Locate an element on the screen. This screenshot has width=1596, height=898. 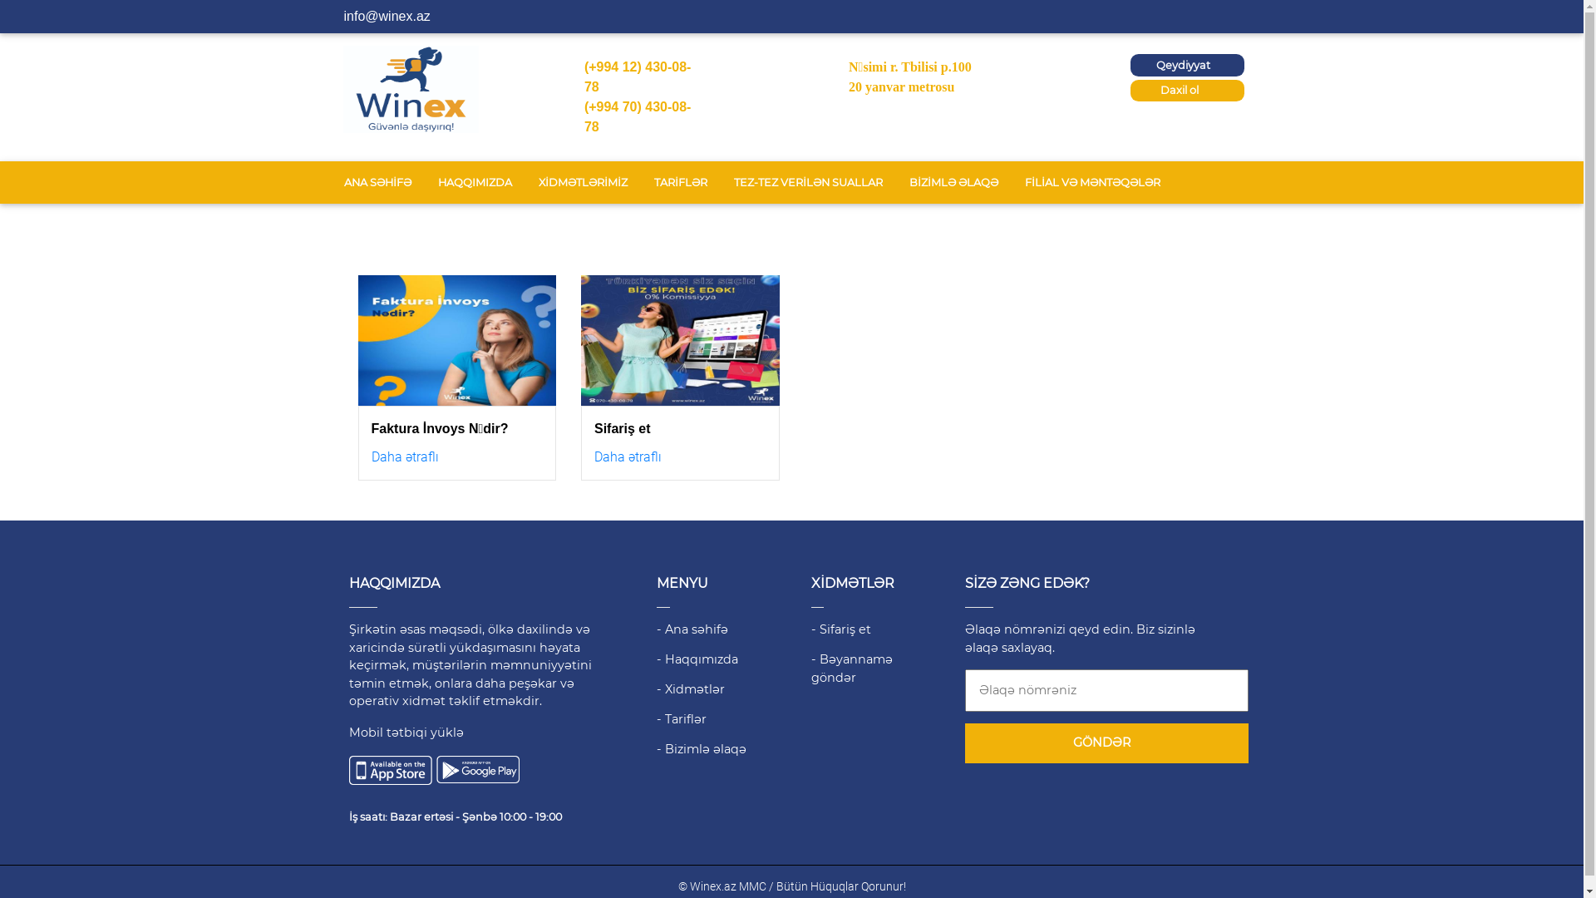
'info@winex.az' is located at coordinates (386, 16).